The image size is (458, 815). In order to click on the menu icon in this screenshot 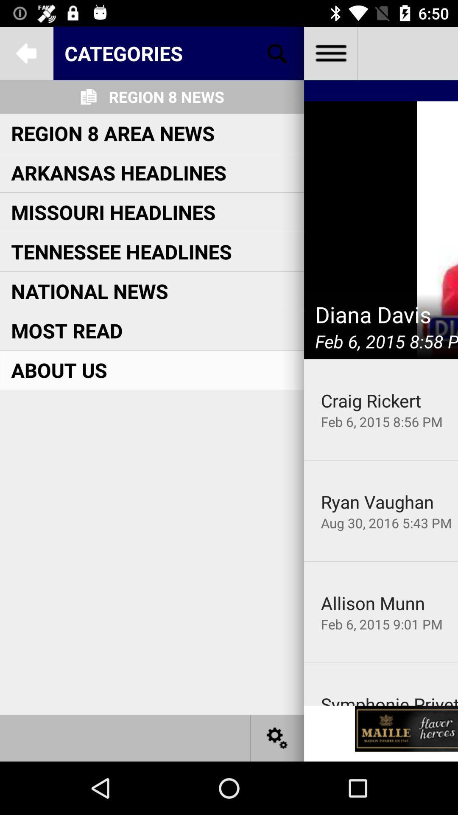, I will do `click(330, 53)`.